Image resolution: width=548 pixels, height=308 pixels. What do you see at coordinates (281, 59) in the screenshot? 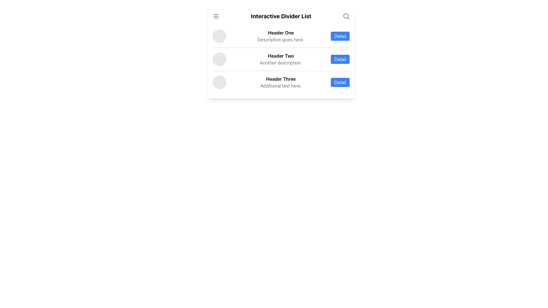
I see `the non-interactive text element that displays 'Header Two' and 'Another description.' in a structured vertical list, positioned between 'Header One' and 'Header Three'` at bounding box center [281, 59].